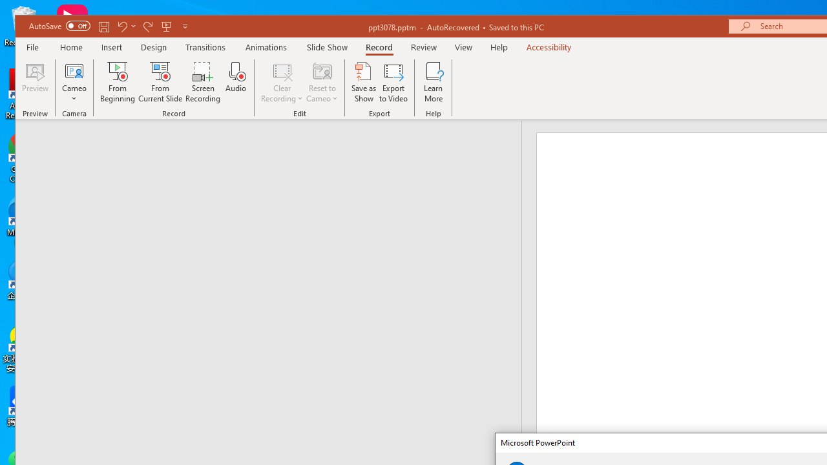  I want to click on 'Reset to Cameo', so click(322, 82).